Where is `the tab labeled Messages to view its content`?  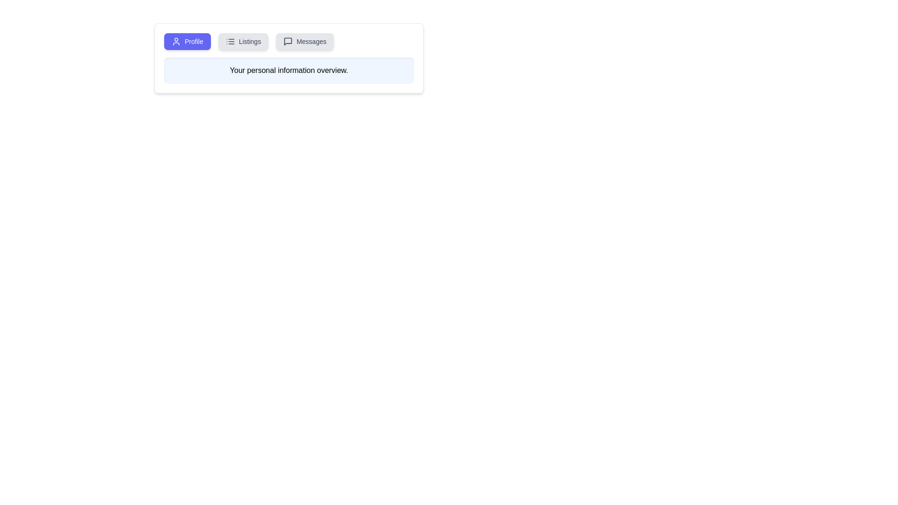 the tab labeled Messages to view its content is located at coordinates (305, 41).